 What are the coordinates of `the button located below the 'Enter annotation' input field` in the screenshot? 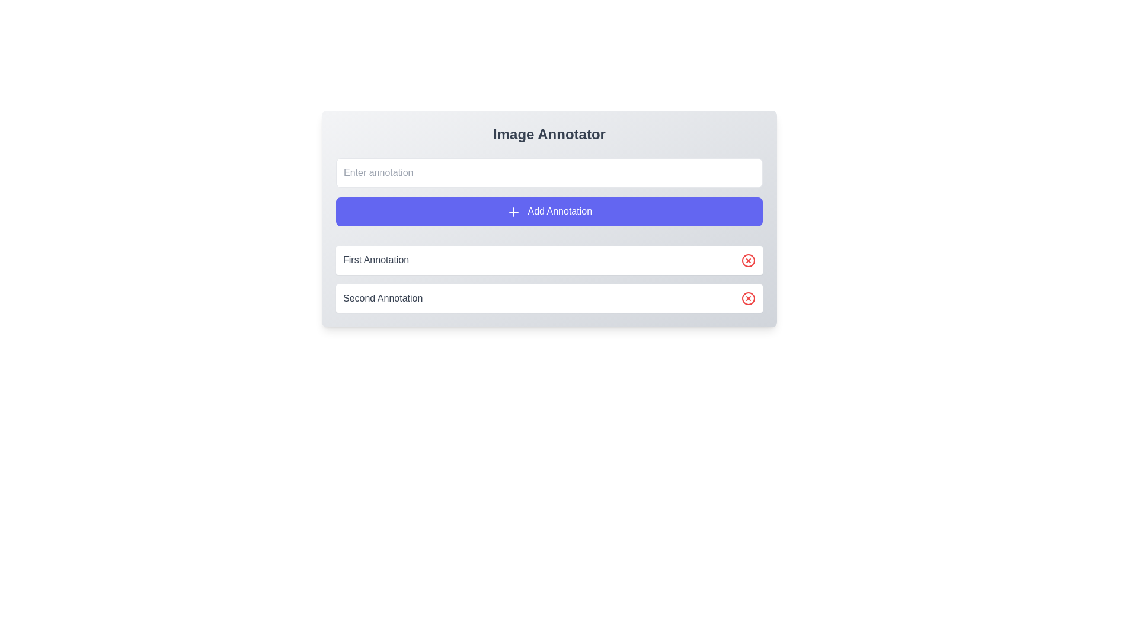 It's located at (548, 211).